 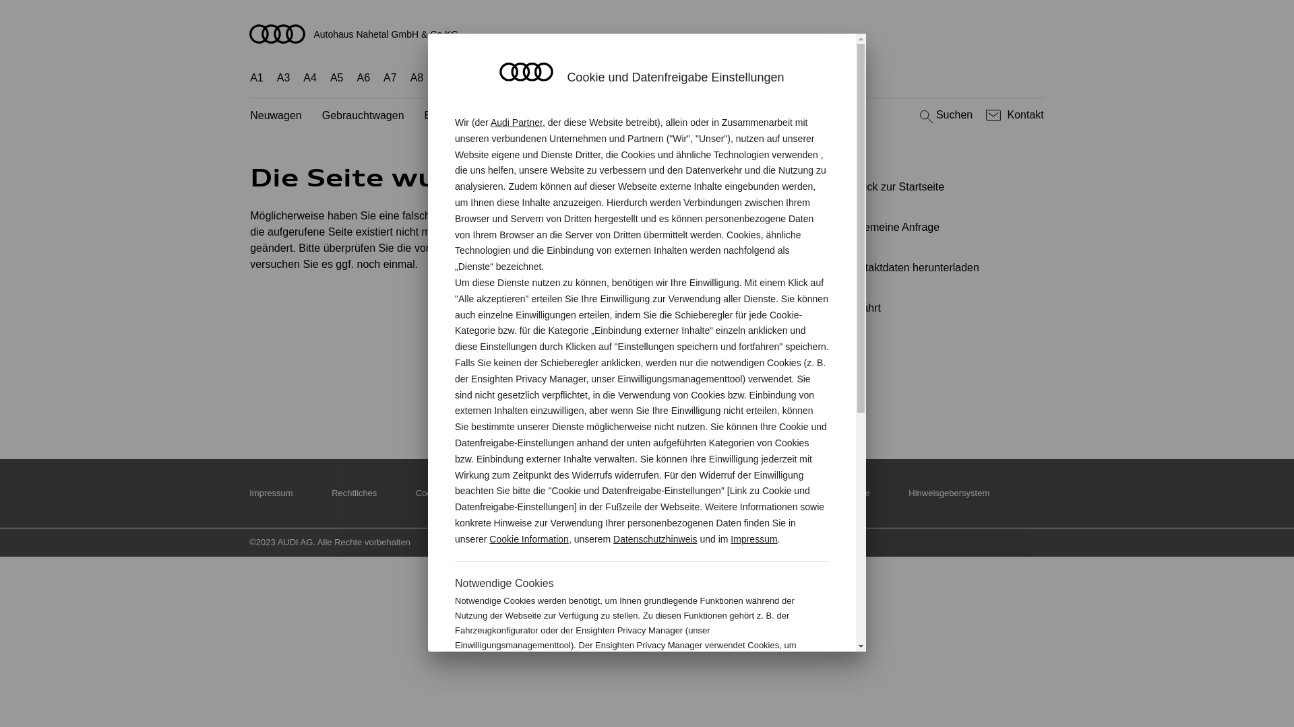 What do you see at coordinates (415, 493) in the screenshot?
I see `'Cookie Policy'` at bounding box center [415, 493].